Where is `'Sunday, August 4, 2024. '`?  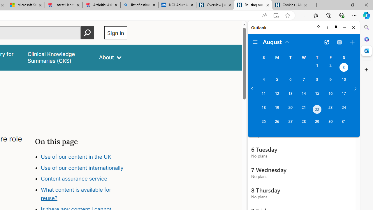
'Sunday, August 4, 2024. ' is located at coordinates (263, 82).